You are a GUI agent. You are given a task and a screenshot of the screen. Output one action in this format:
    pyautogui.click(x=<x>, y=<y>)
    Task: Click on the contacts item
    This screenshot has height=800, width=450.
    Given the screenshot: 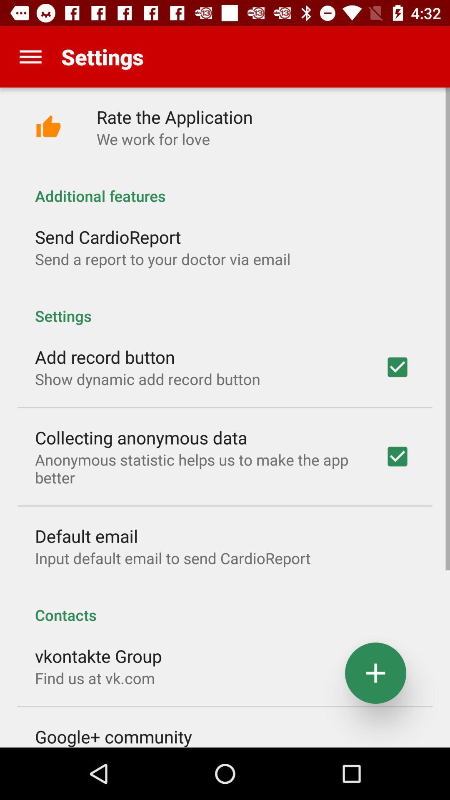 What is the action you would take?
    pyautogui.click(x=225, y=606)
    